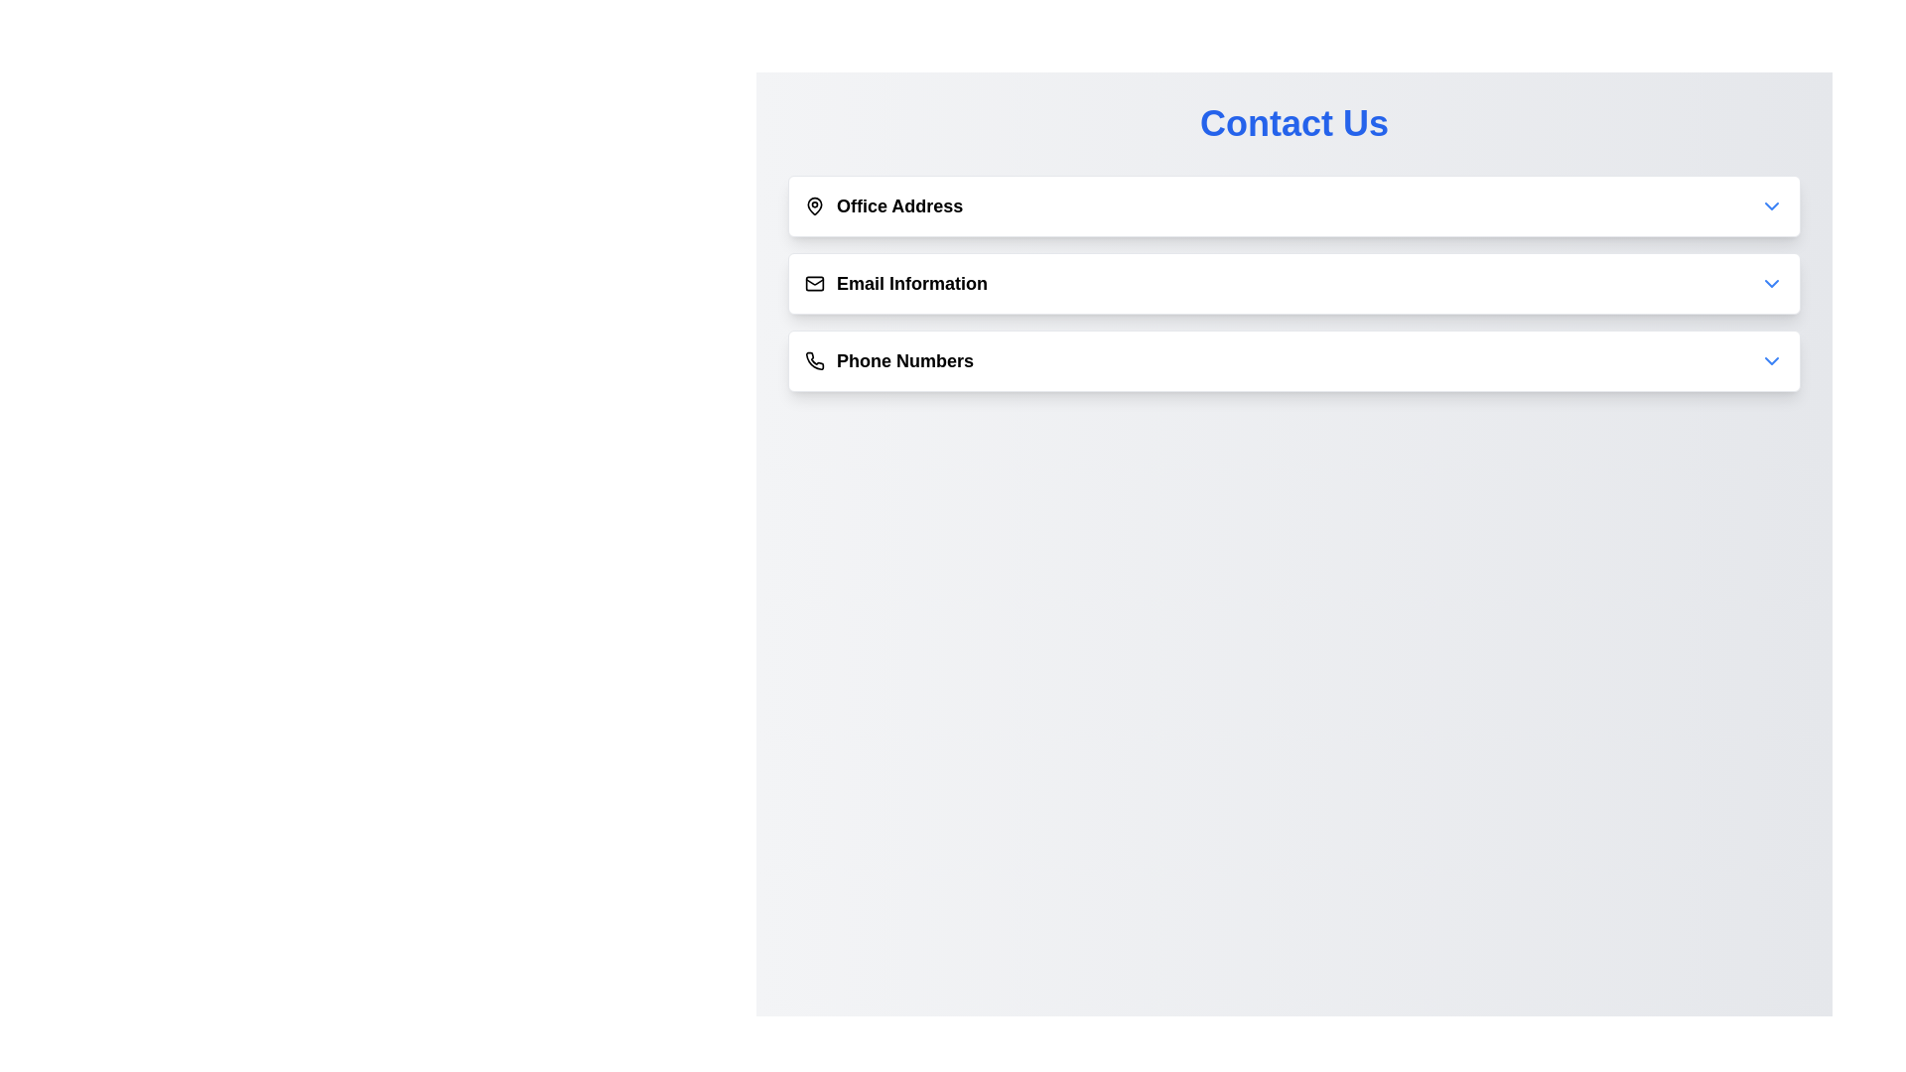  What do you see at coordinates (1772, 360) in the screenshot?
I see `the Chevron icon button located at the far right of the 'Phone Numbers' menu` at bounding box center [1772, 360].